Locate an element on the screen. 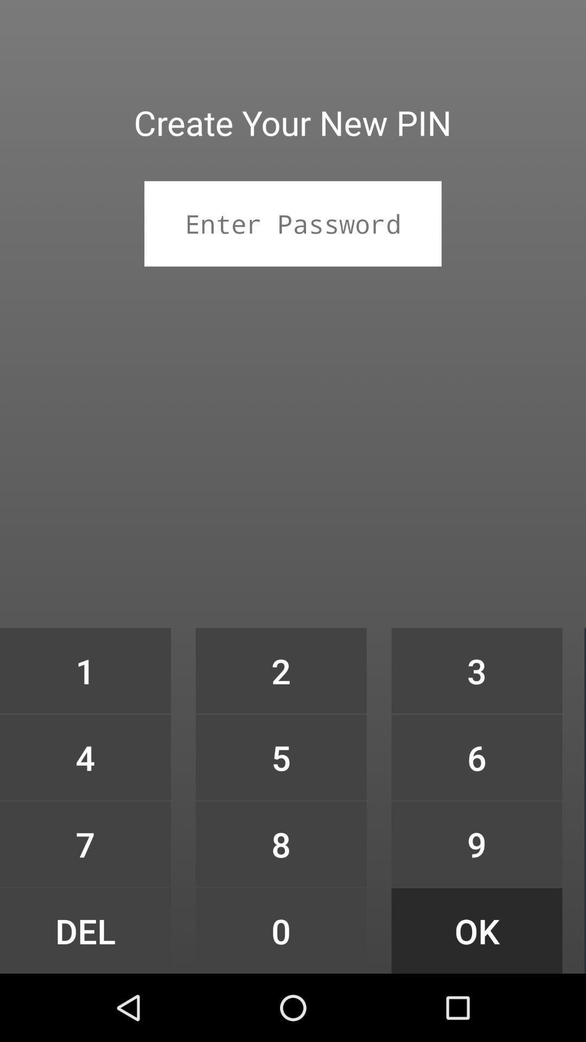 This screenshot has height=1042, width=586. the 9 item is located at coordinates (476, 843).